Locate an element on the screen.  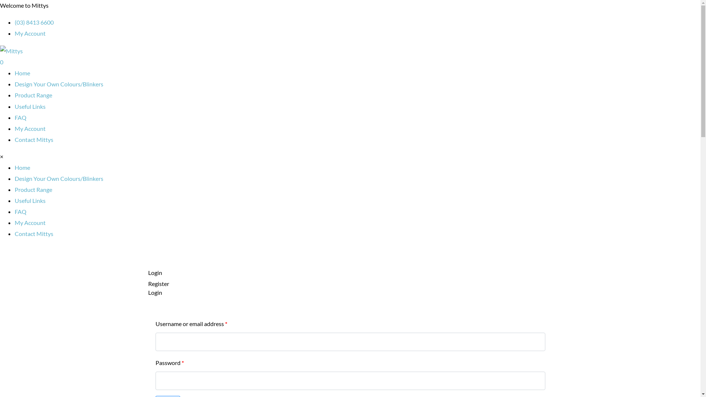
'Design Your Own Colours/Blinkers' is located at coordinates (59, 178).